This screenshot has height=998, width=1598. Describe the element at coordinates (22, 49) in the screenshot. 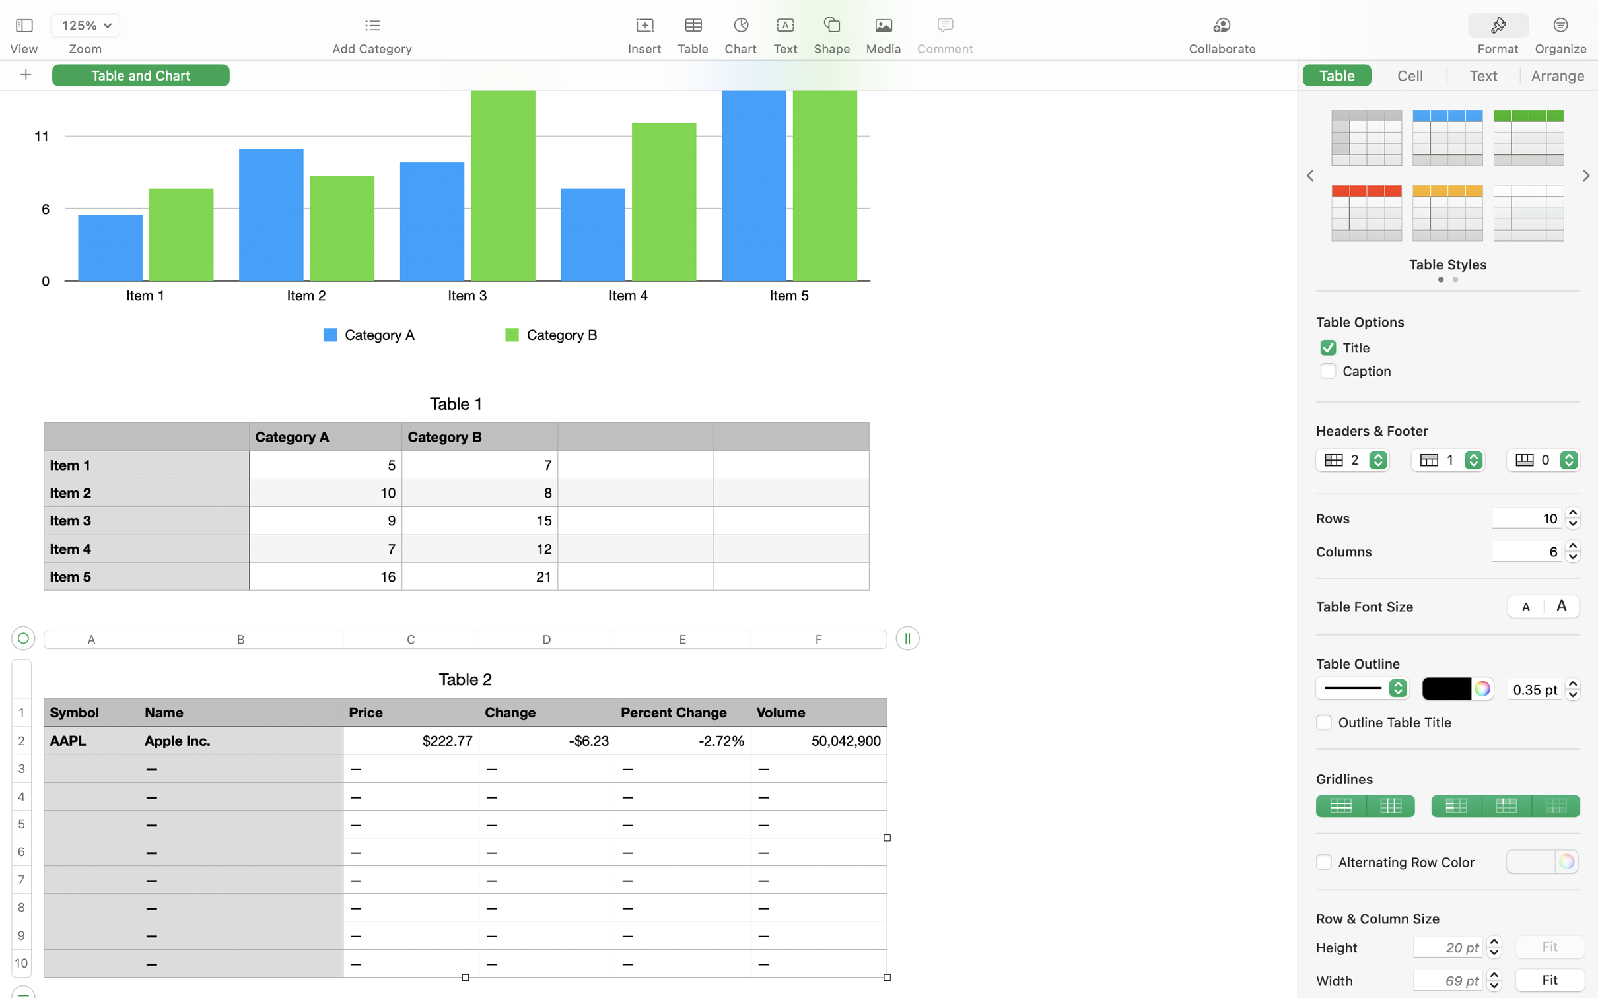

I see `'View'` at that location.